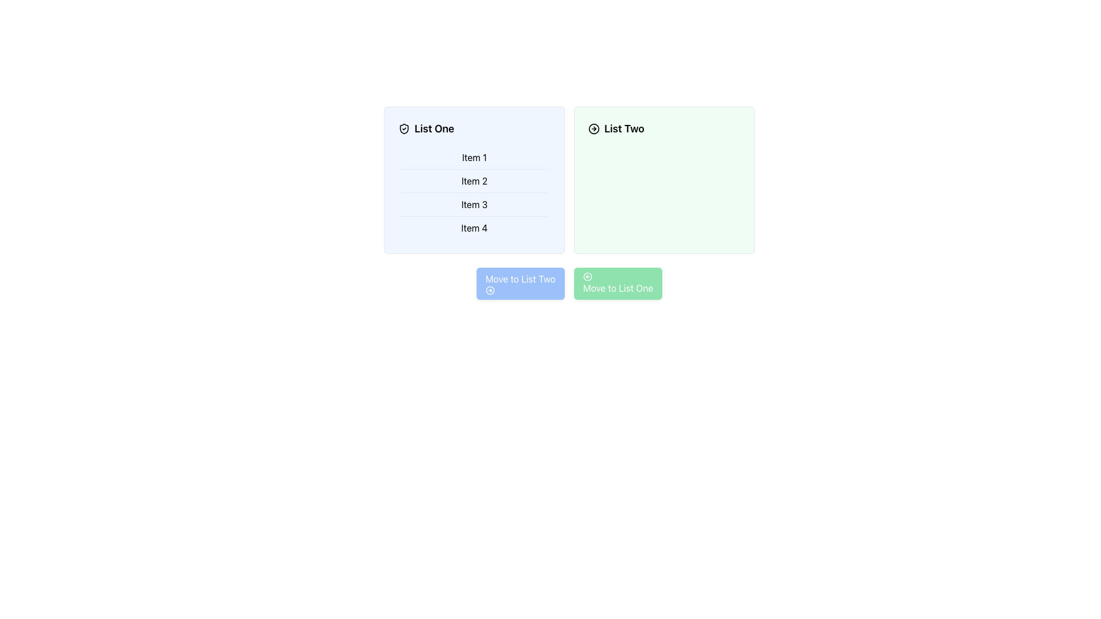 The image size is (1101, 619). I want to click on the circular icon with a left-pointing arrow located within the 'Move to List One' button, which has a green background and white text, so click(587, 276).